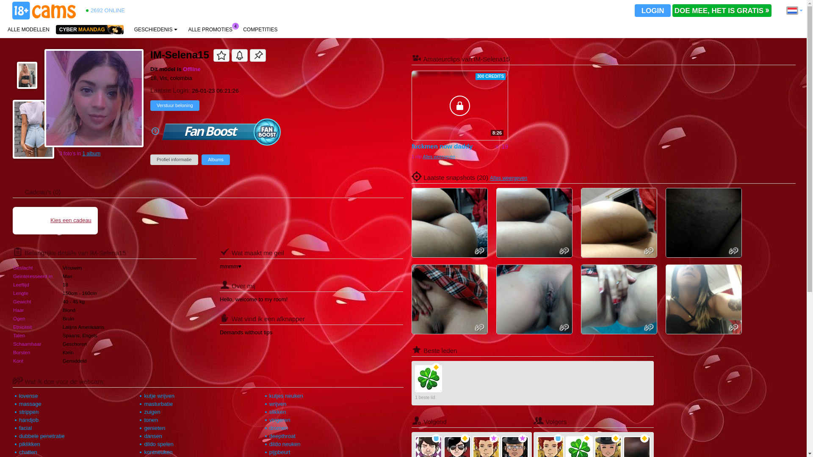 The image size is (813, 457). I want to click on 'kutjes neuken', so click(286, 396).